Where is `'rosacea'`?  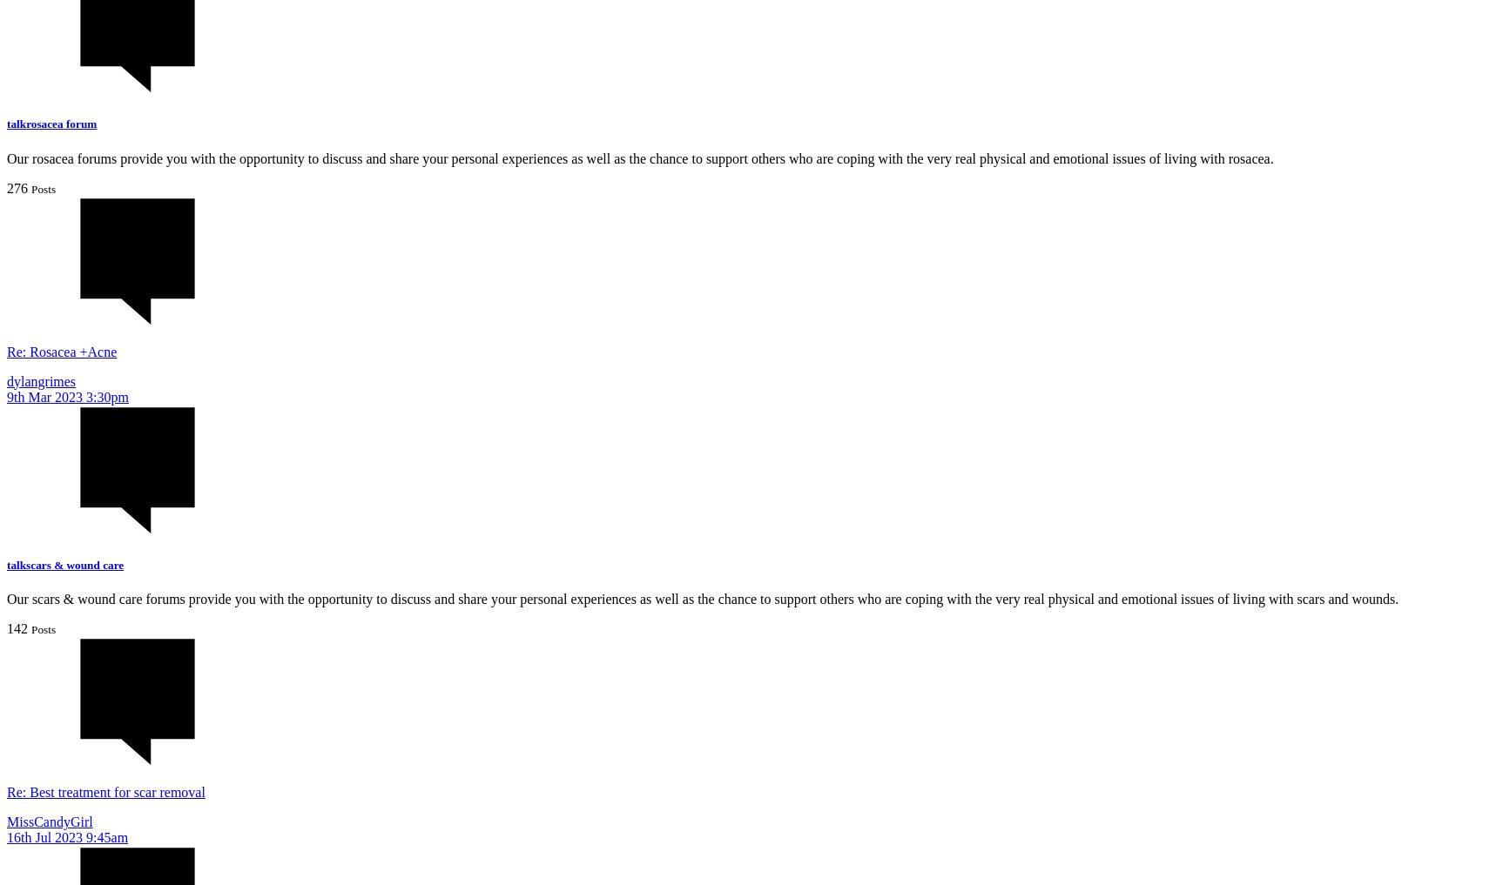
'rosacea' is located at coordinates (26, 123).